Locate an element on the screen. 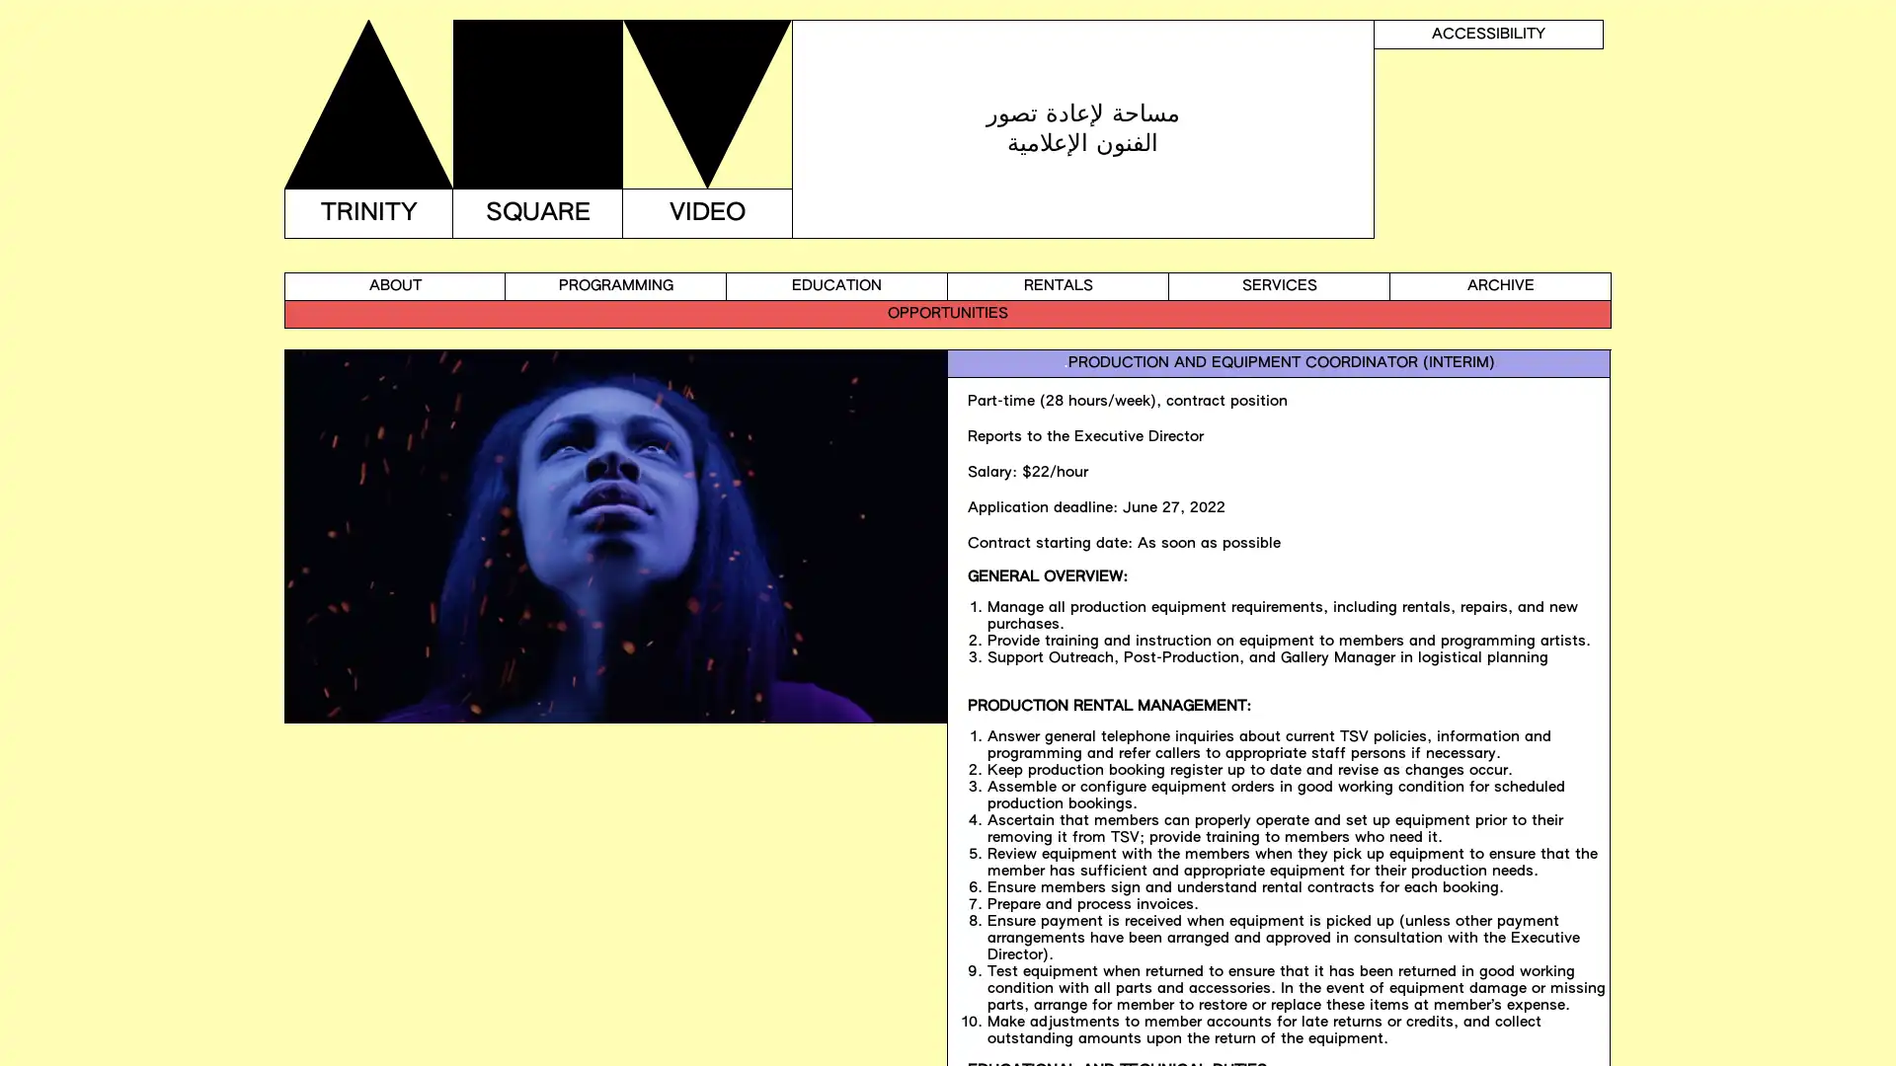 This screenshot has width=1896, height=1066. Accessibility menu, here you can adjust font size or desaturate page is located at coordinates (1488, 34).